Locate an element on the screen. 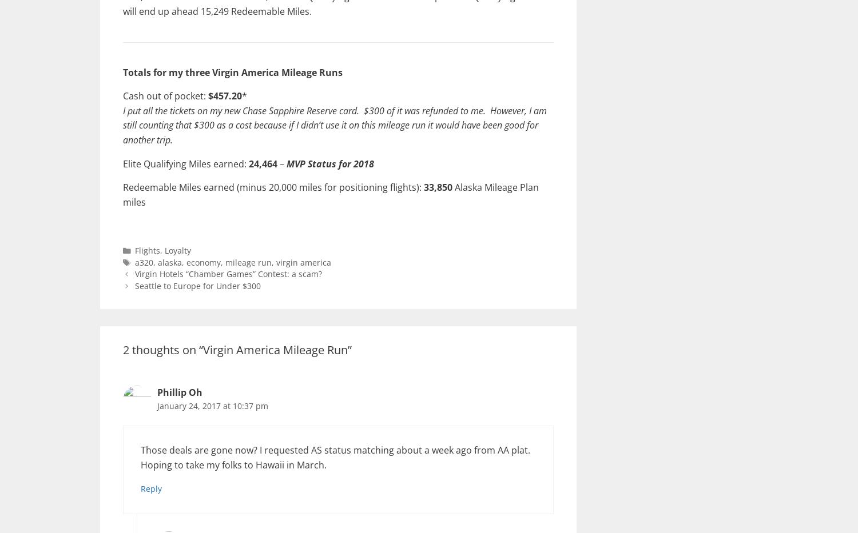  'Flights' is located at coordinates (148, 250).